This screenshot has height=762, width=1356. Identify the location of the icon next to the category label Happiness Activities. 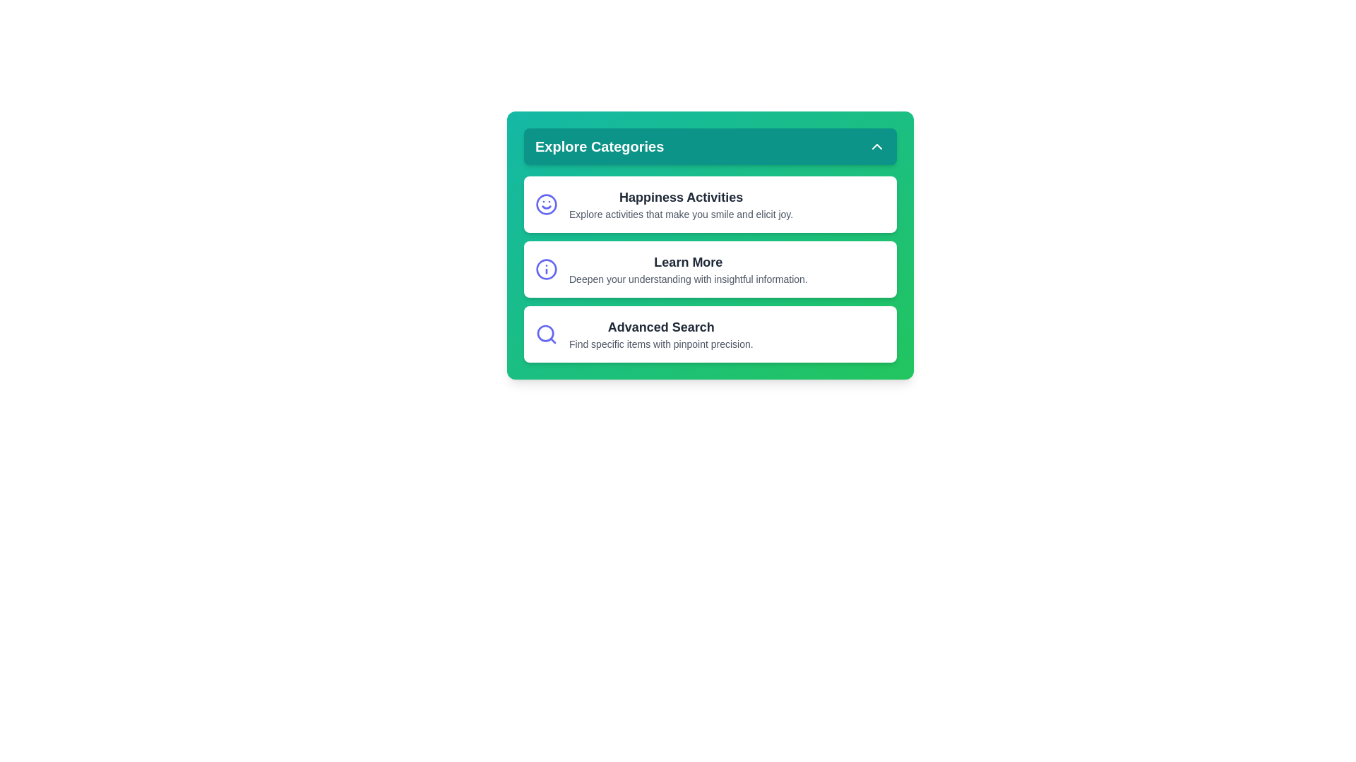
(545, 204).